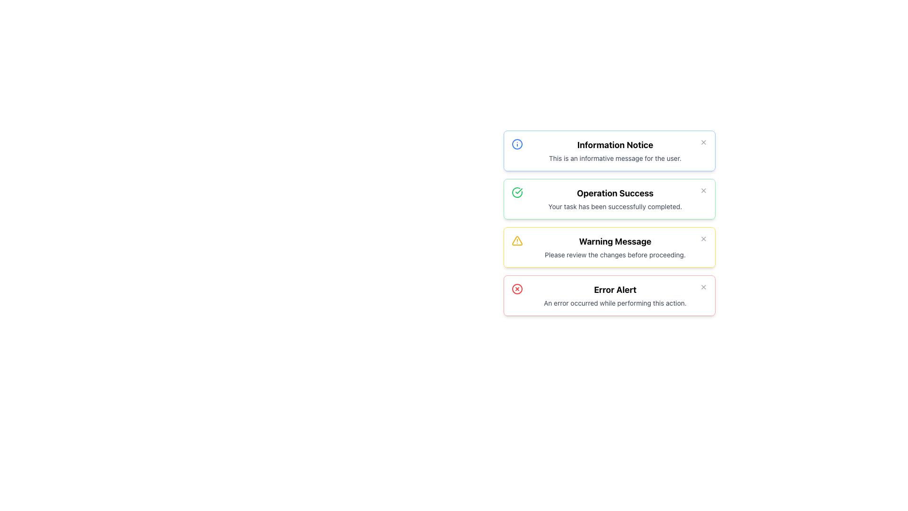 This screenshot has height=511, width=908. Describe the element at coordinates (615, 290) in the screenshot. I see `the title text element of the error notification located at the bottom of the notification stack, positioned above the descriptive text and beyond the red circular icon` at that location.